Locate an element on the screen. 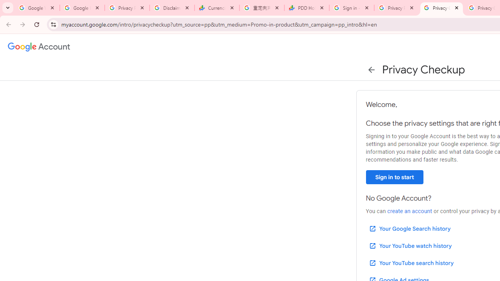 The width and height of the screenshot is (500, 281). 'Sign in - Google Accounts' is located at coordinates (351, 8).